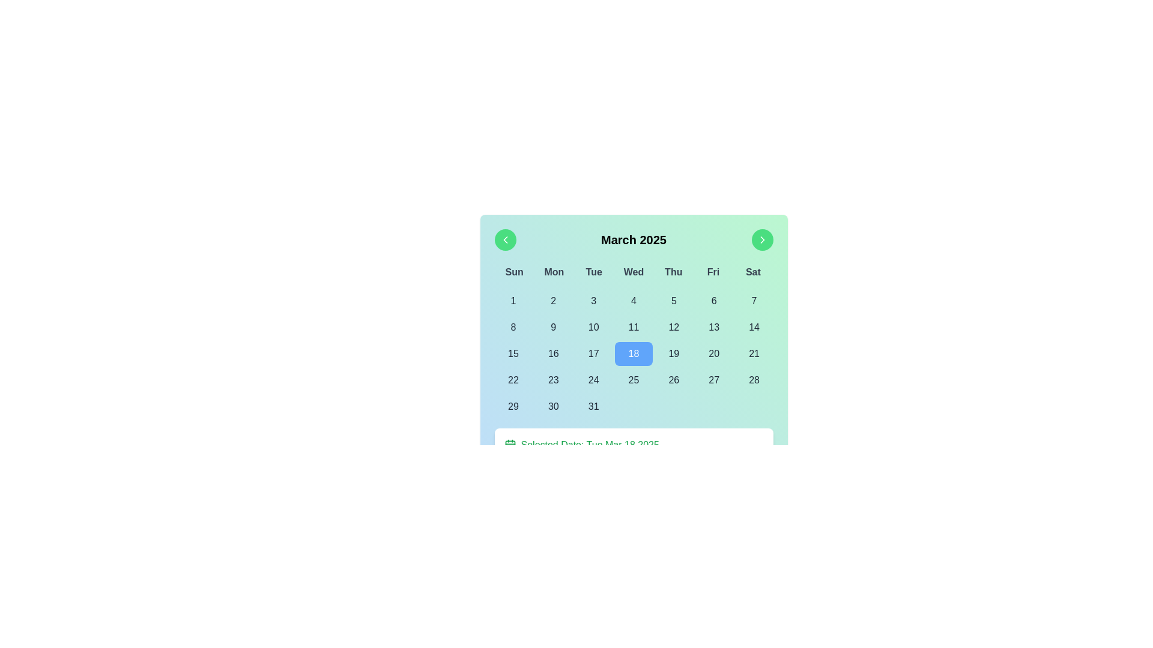 The width and height of the screenshot is (1153, 648). I want to click on the button displaying the number '7', located, so click(754, 300).